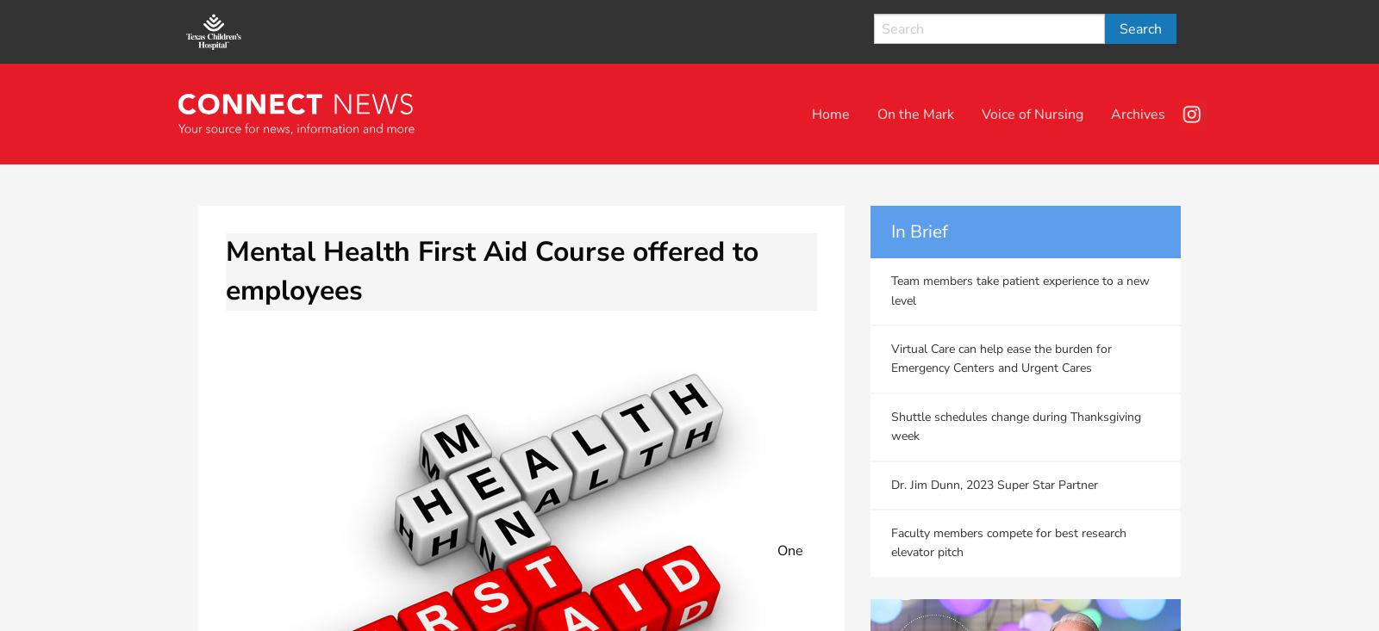 The width and height of the screenshot is (1379, 631). Describe the element at coordinates (1033, 114) in the screenshot. I see `'Voice of Nursing'` at that location.